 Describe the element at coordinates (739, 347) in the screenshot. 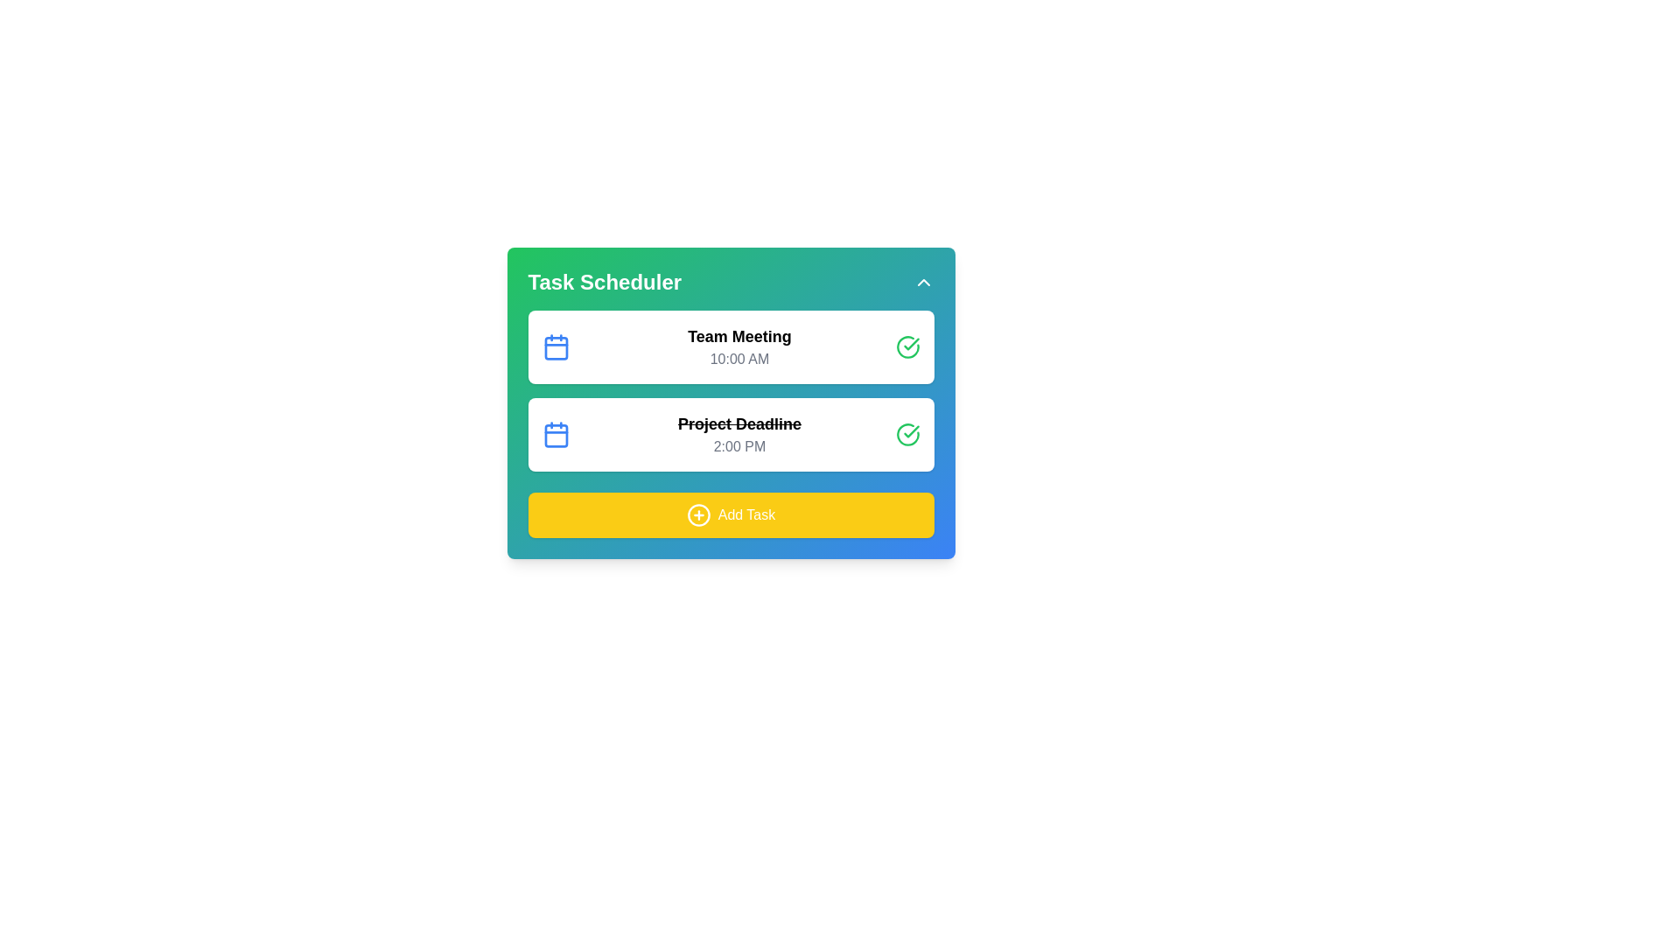

I see `the text element that provides details about the scheduled task, including its title 'Team Meeting' and start time '10:00 AM', which is located within the upper half of the first task card in the 'Task Scheduler' component` at that location.